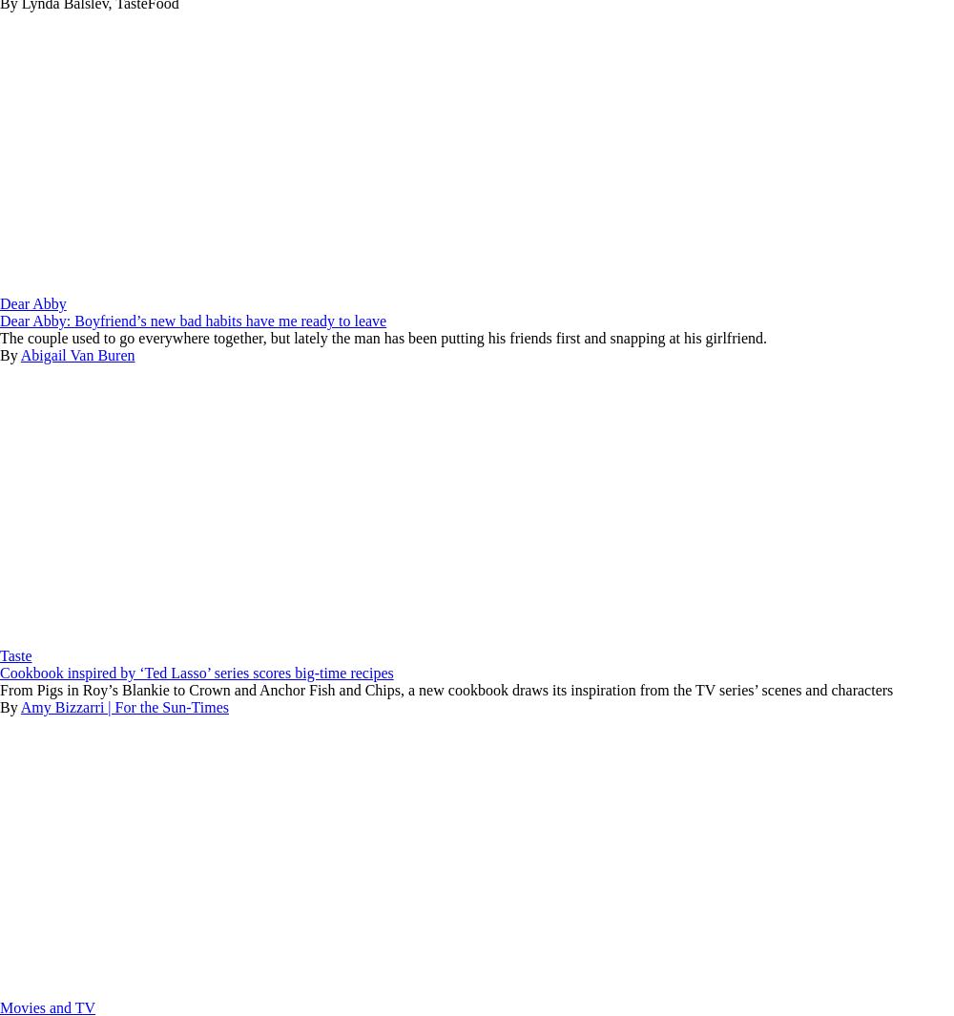 Image resolution: width=954 pixels, height=1016 pixels. Describe the element at coordinates (48, 1007) in the screenshot. I see `'Movies and TV'` at that location.